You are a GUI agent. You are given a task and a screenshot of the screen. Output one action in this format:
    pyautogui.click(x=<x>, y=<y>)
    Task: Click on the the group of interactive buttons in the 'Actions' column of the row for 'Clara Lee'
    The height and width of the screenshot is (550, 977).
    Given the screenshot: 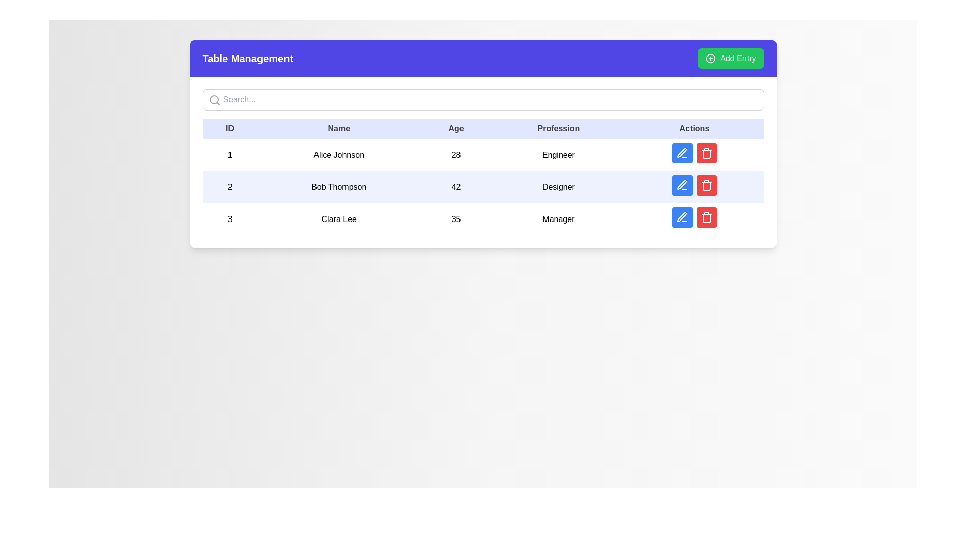 What is the action you would take?
    pyautogui.click(x=694, y=218)
    